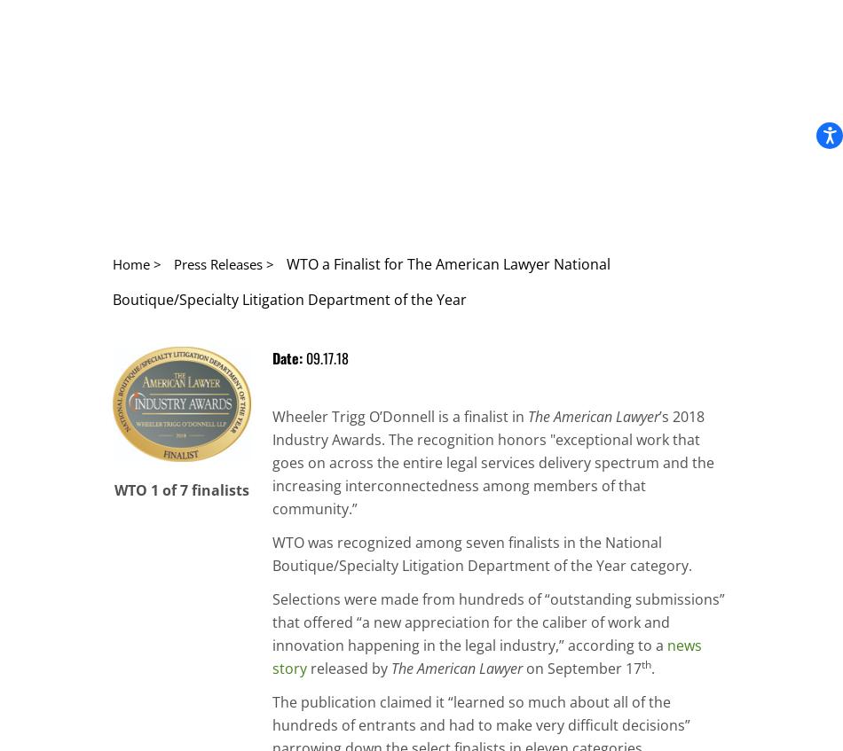 This screenshot has width=843, height=751. Describe the element at coordinates (288, 357) in the screenshot. I see `'Date:'` at that location.